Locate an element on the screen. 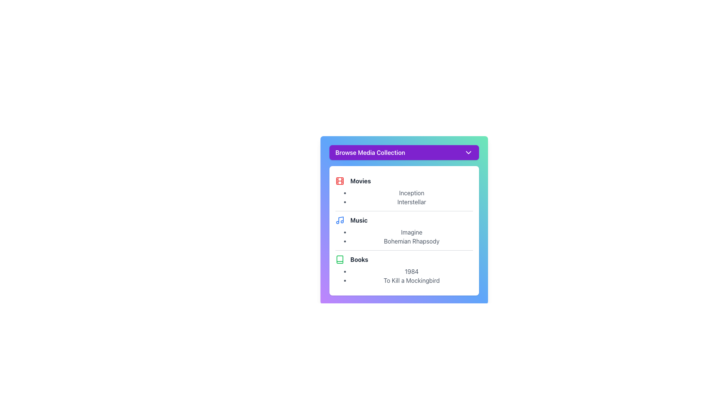 The height and width of the screenshot is (404, 718). the text label displaying 'To Kill a Mockingbird' in gray, which is the second item in the 'Books' section of the media browsing interface is located at coordinates (411, 280).